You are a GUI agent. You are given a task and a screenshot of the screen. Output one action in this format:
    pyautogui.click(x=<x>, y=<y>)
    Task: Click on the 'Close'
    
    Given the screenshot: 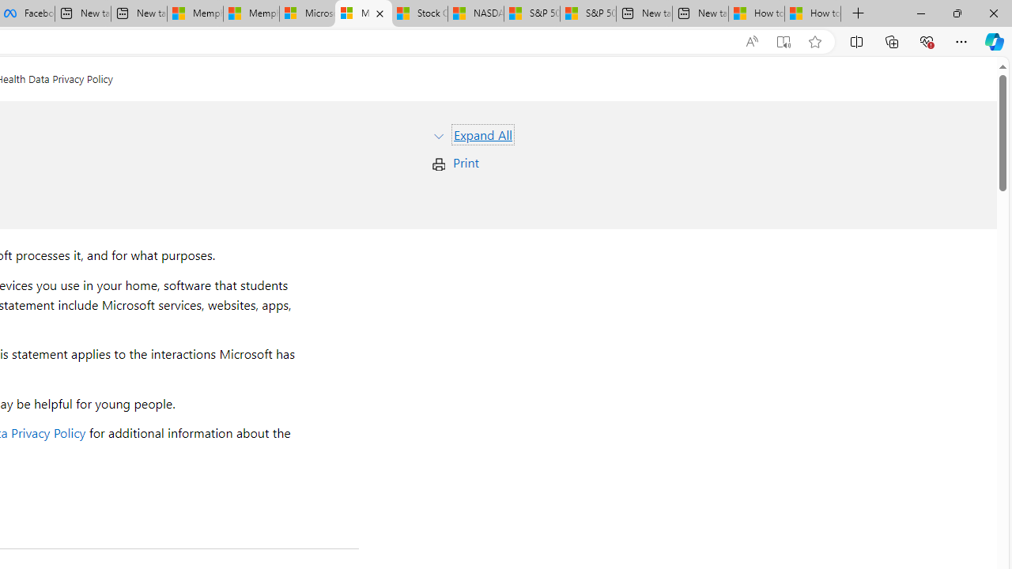 What is the action you would take?
    pyautogui.click(x=992, y=13)
    